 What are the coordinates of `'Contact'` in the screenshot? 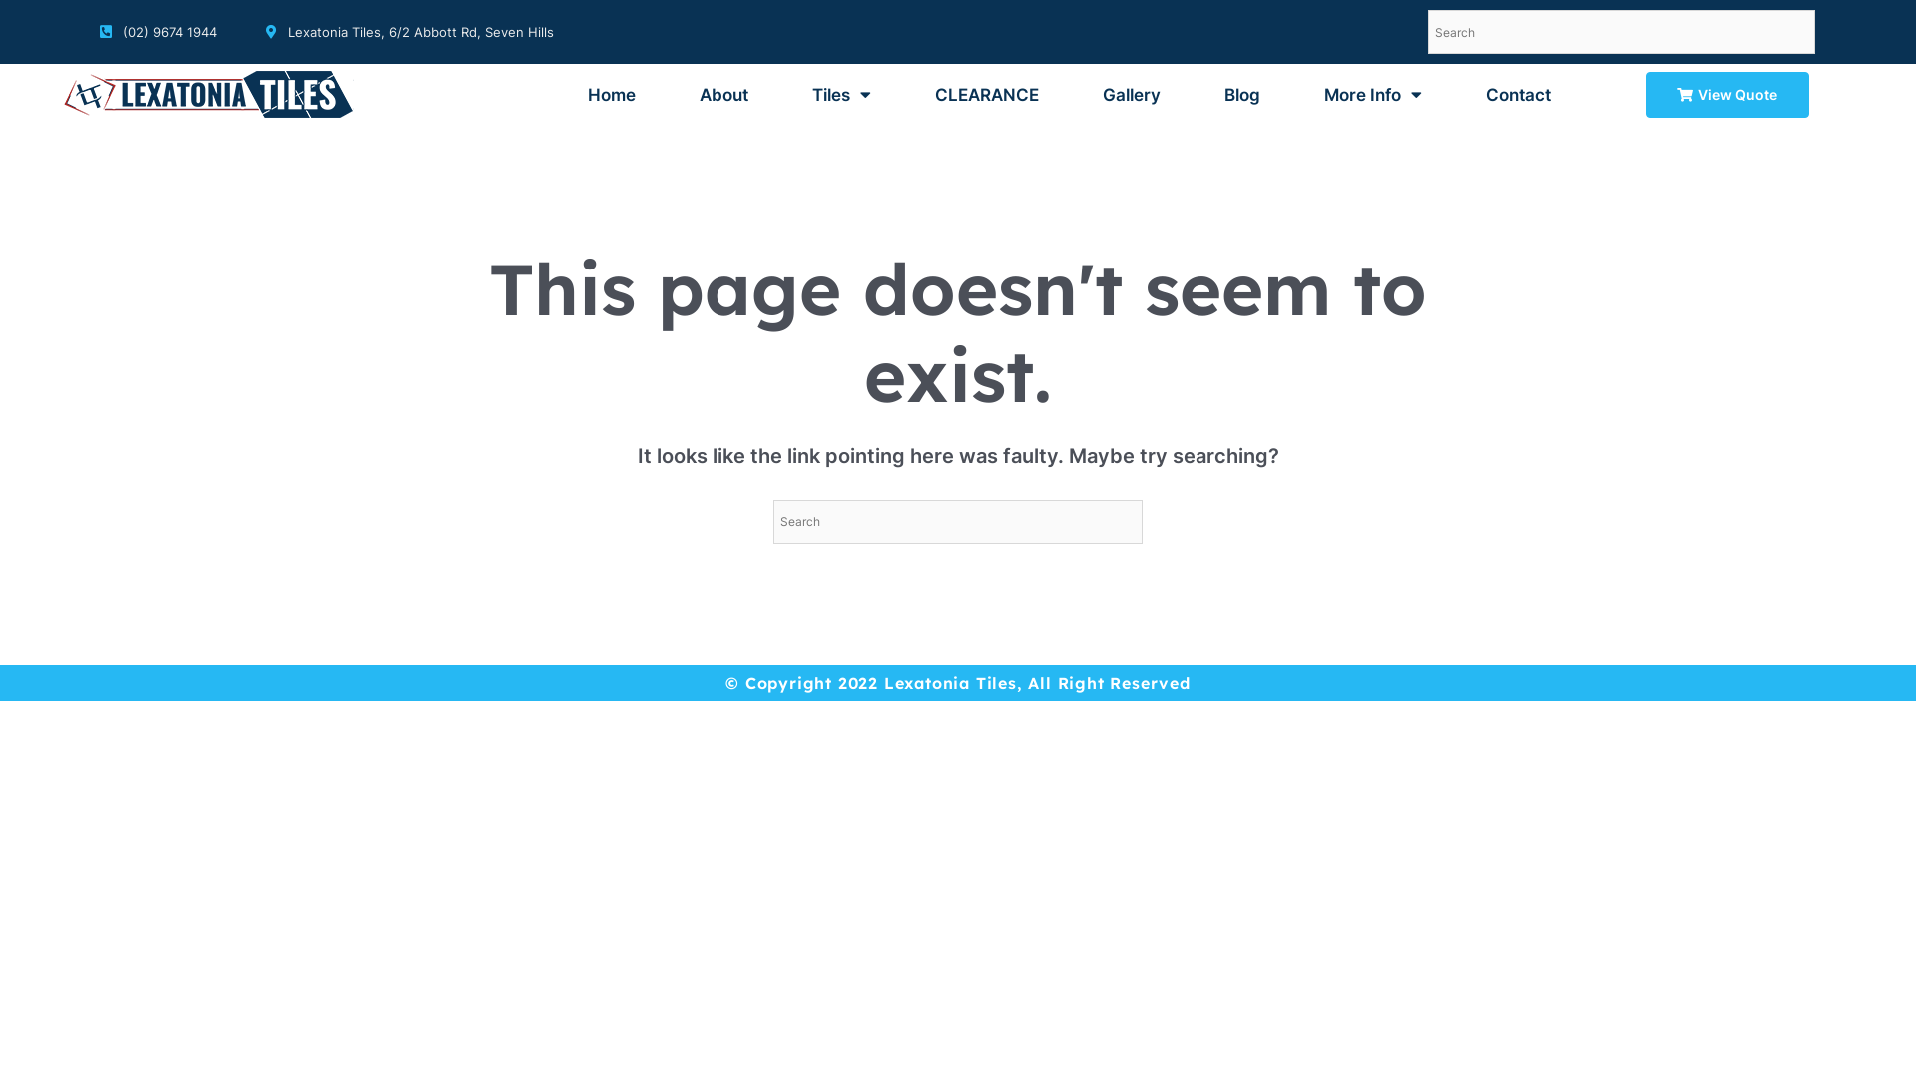 It's located at (1517, 95).